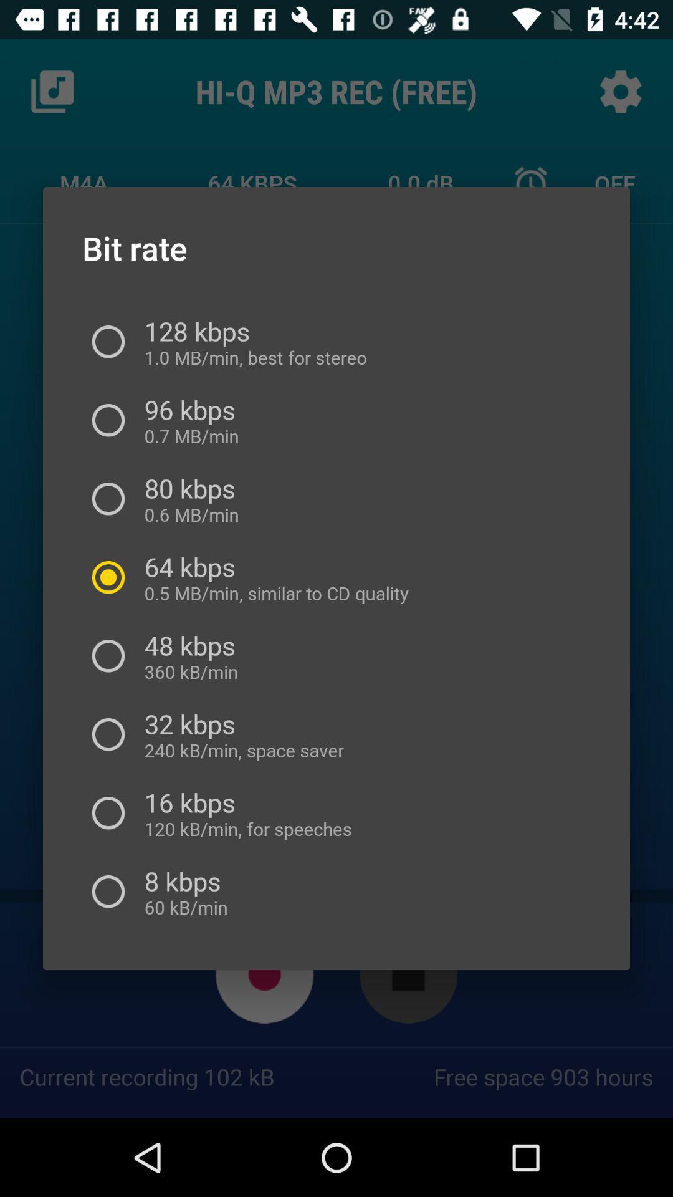 The width and height of the screenshot is (673, 1197). What do you see at coordinates (251, 342) in the screenshot?
I see `128 kbps 1 item` at bounding box center [251, 342].